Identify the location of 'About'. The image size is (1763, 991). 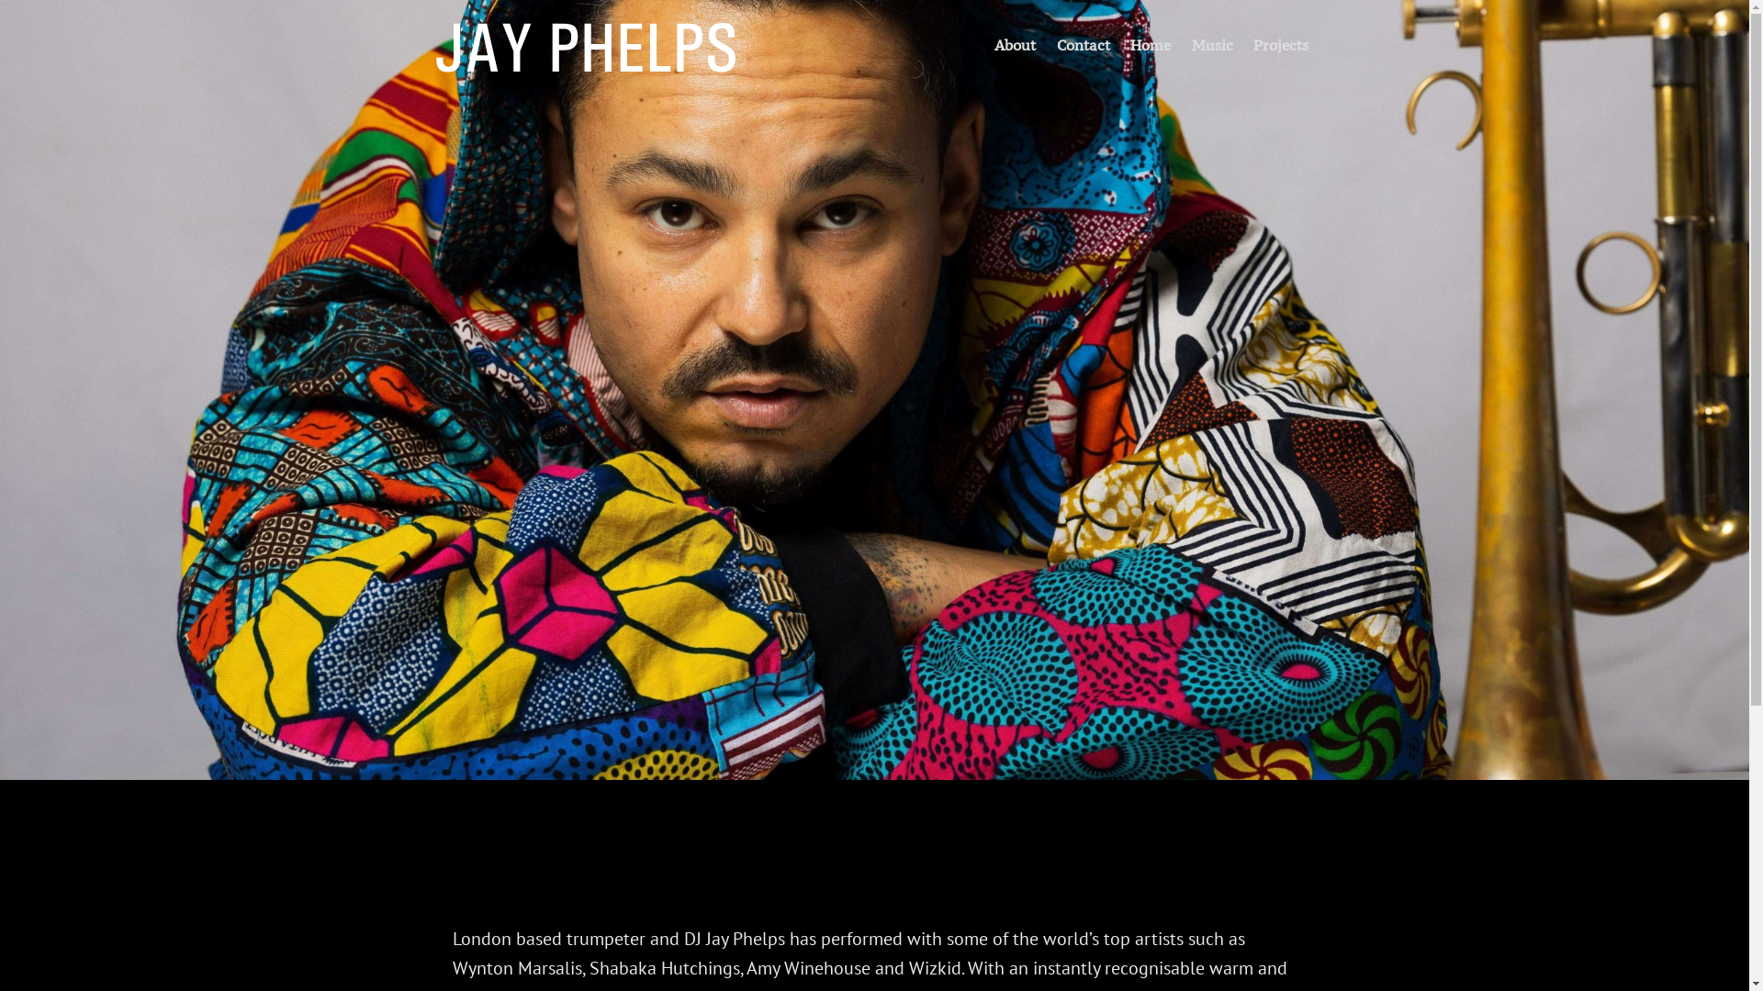
(1014, 42).